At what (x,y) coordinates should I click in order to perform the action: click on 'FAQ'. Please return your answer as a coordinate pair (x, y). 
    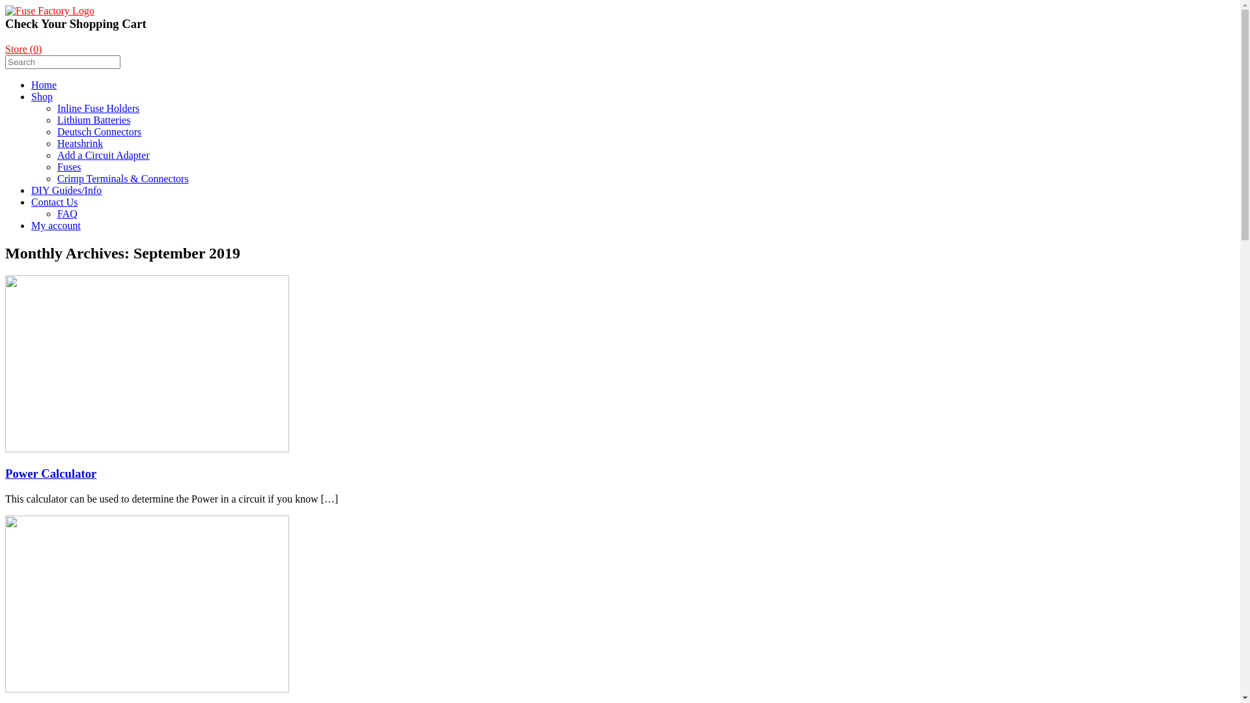
    Looking at the image, I should click on (66, 213).